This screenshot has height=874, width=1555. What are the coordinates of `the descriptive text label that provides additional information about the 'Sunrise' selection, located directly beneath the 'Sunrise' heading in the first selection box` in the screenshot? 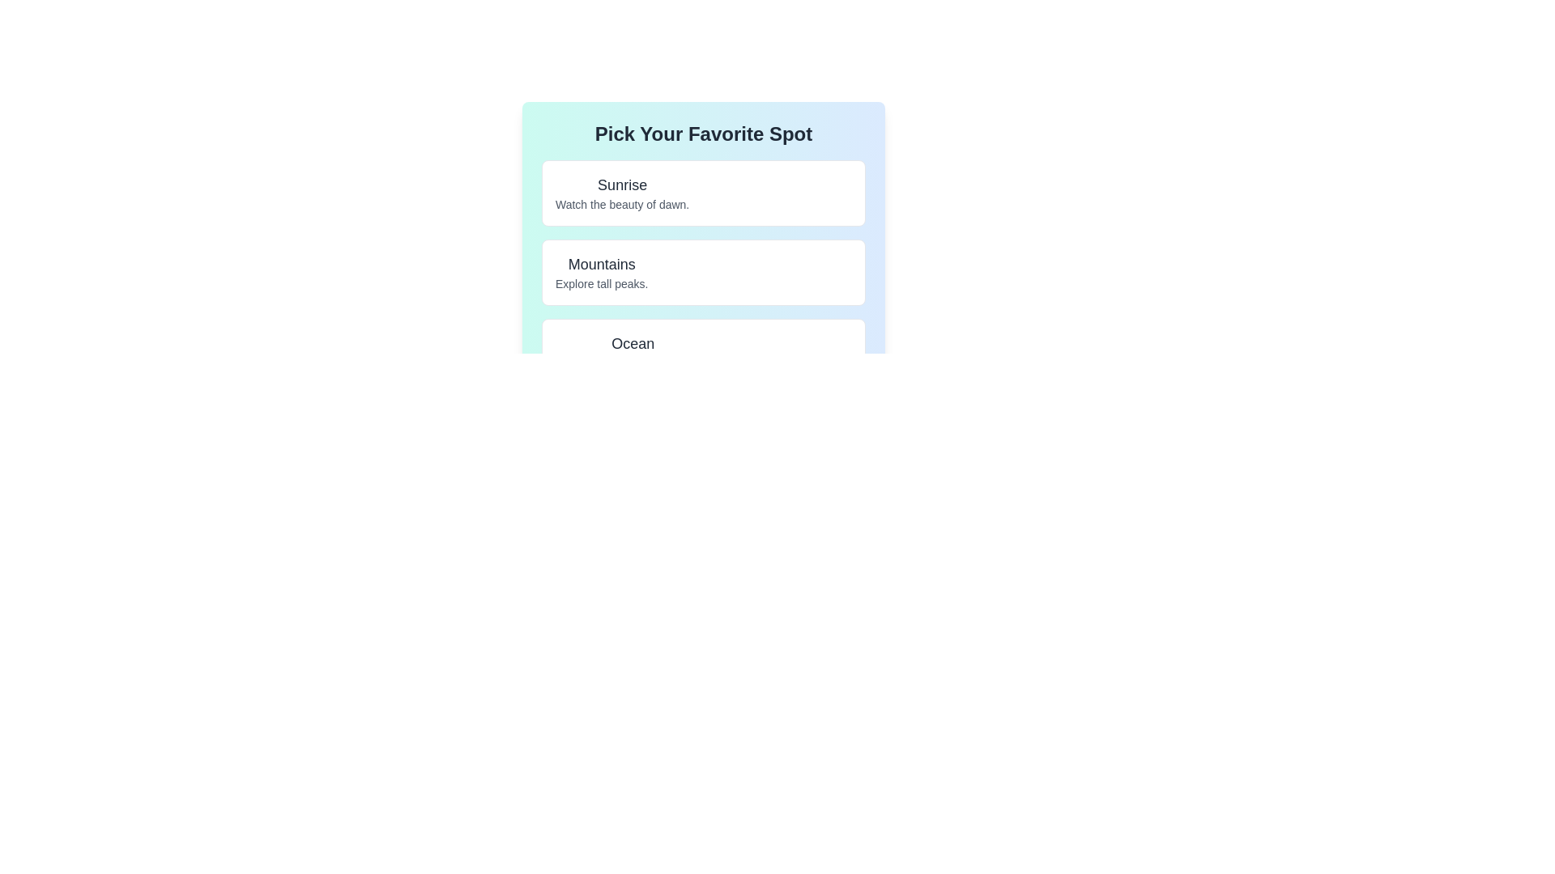 It's located at (621, 204).